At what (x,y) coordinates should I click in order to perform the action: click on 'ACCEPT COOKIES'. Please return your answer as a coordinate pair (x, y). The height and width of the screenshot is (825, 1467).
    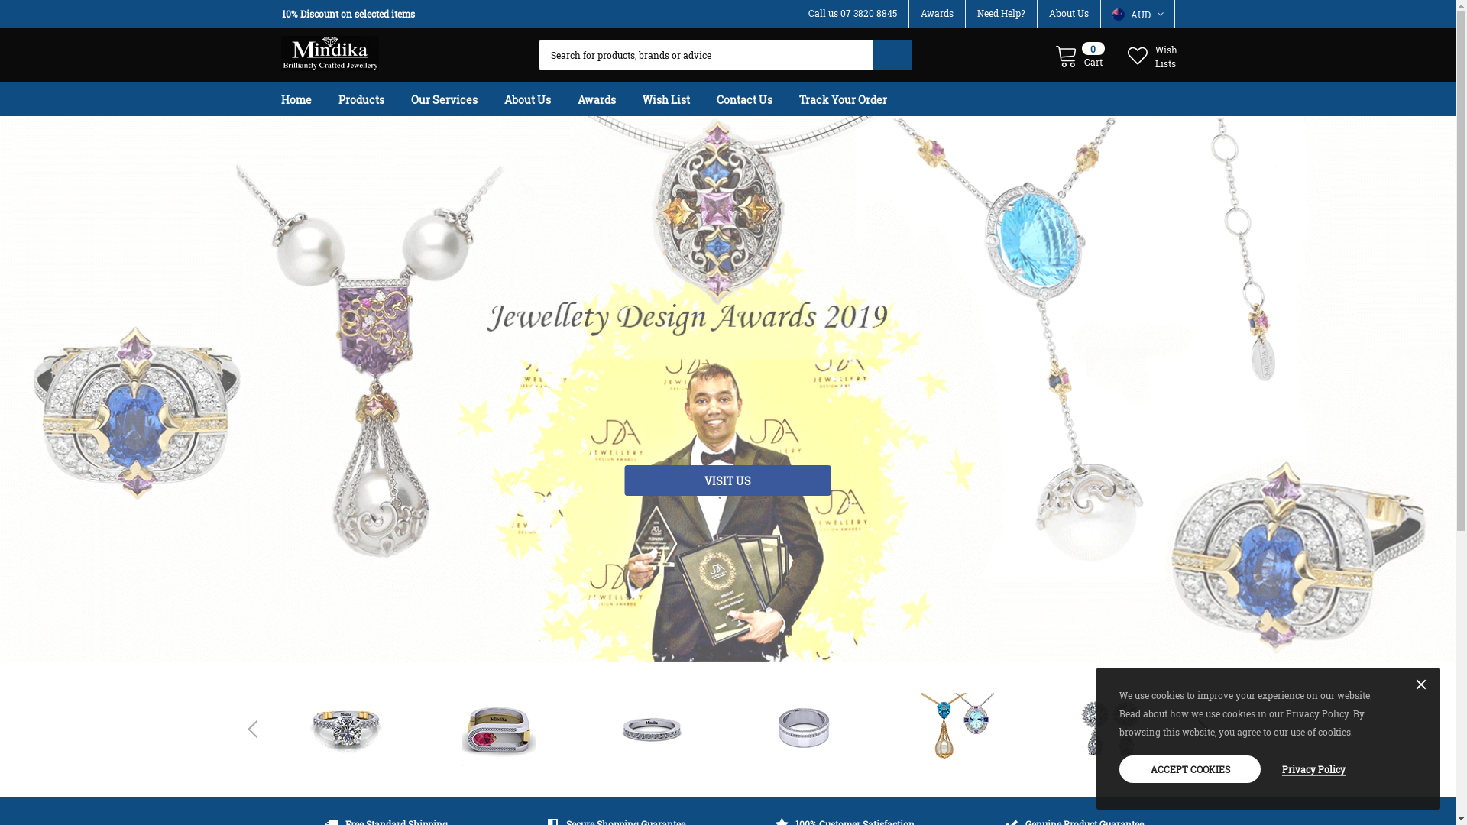
    Looking at the image, I should click on (1189, 768).